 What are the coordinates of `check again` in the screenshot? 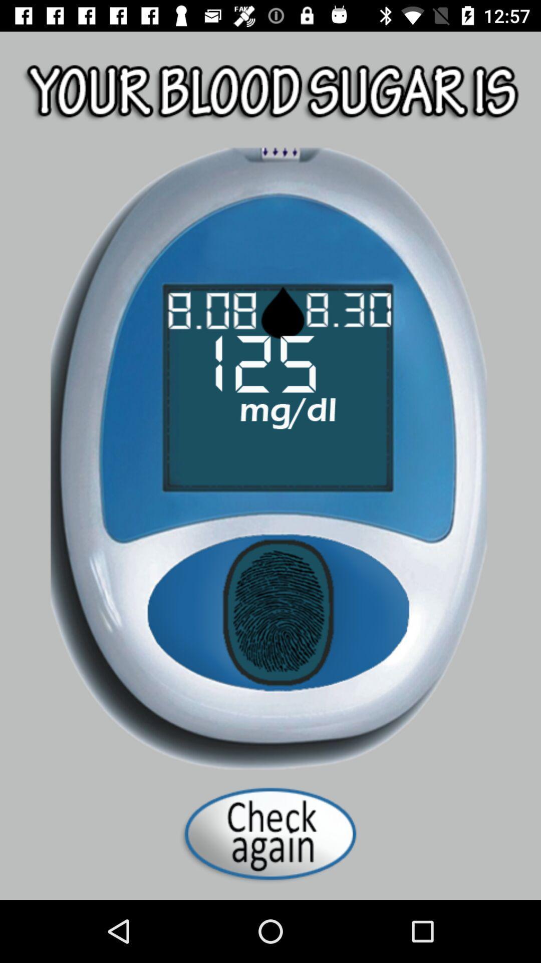 It's located at (270, 834).